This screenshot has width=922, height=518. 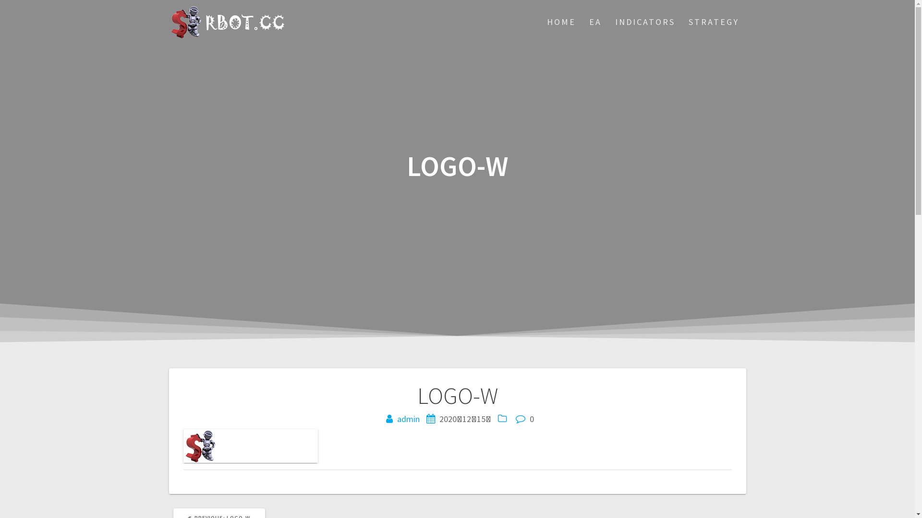 I want to click on 'admin', so click(x=408, y=418).